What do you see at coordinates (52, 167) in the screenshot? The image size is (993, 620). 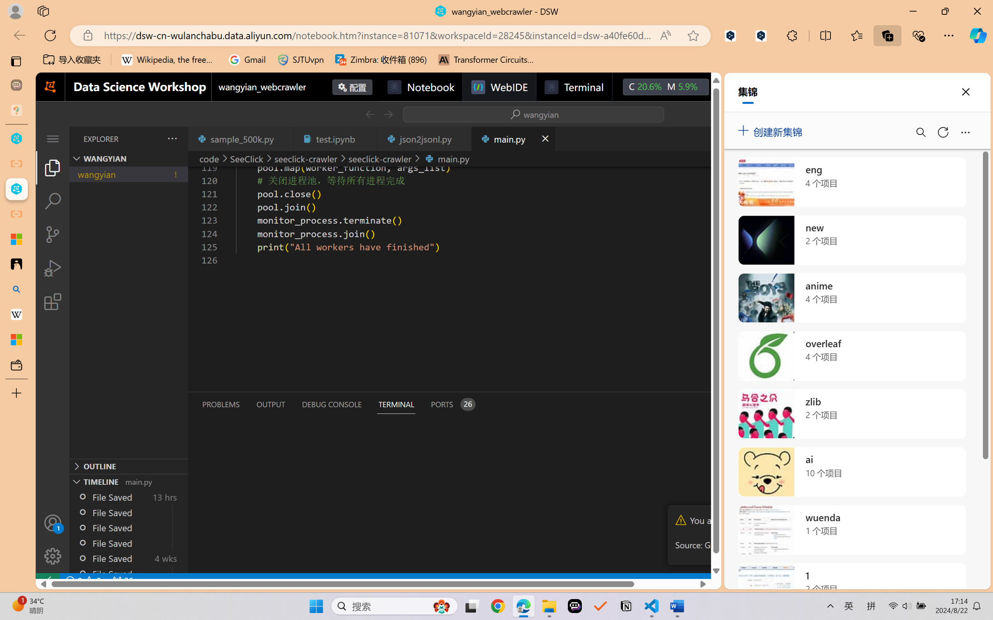 I see `'Explorer (Ctrl+Shift+E)'` at bounding box center [52, 167].